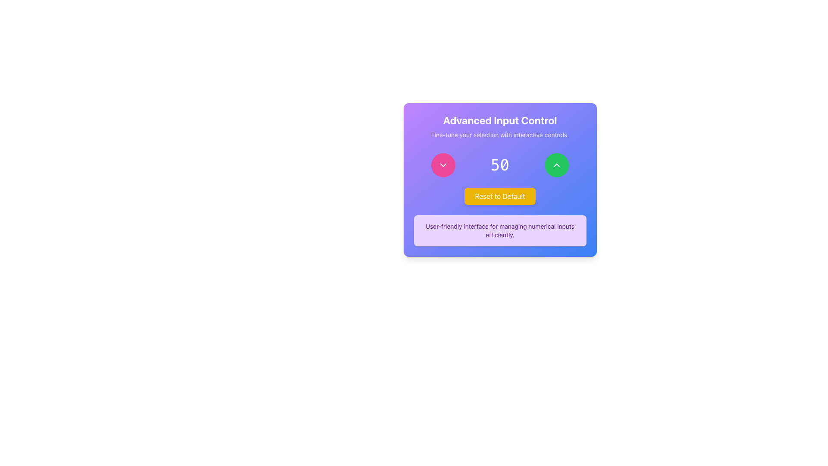 This screenshot has width=828, height=466. Describe the element at coordinates (443, 165) in the screenshot. I see `the decrement icon located at the center of the pink button to decrease the numerical input value` at that location.